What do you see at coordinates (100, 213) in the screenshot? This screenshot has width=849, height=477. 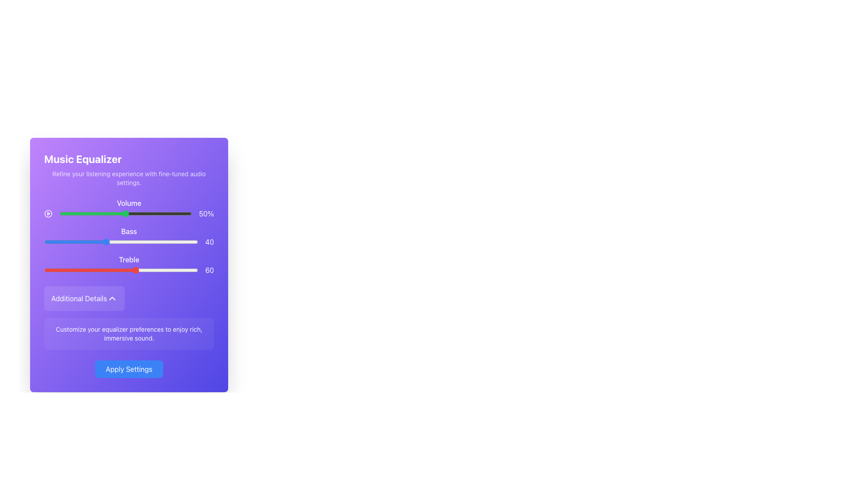 I see `the slider` at bounding box center [100, 213].